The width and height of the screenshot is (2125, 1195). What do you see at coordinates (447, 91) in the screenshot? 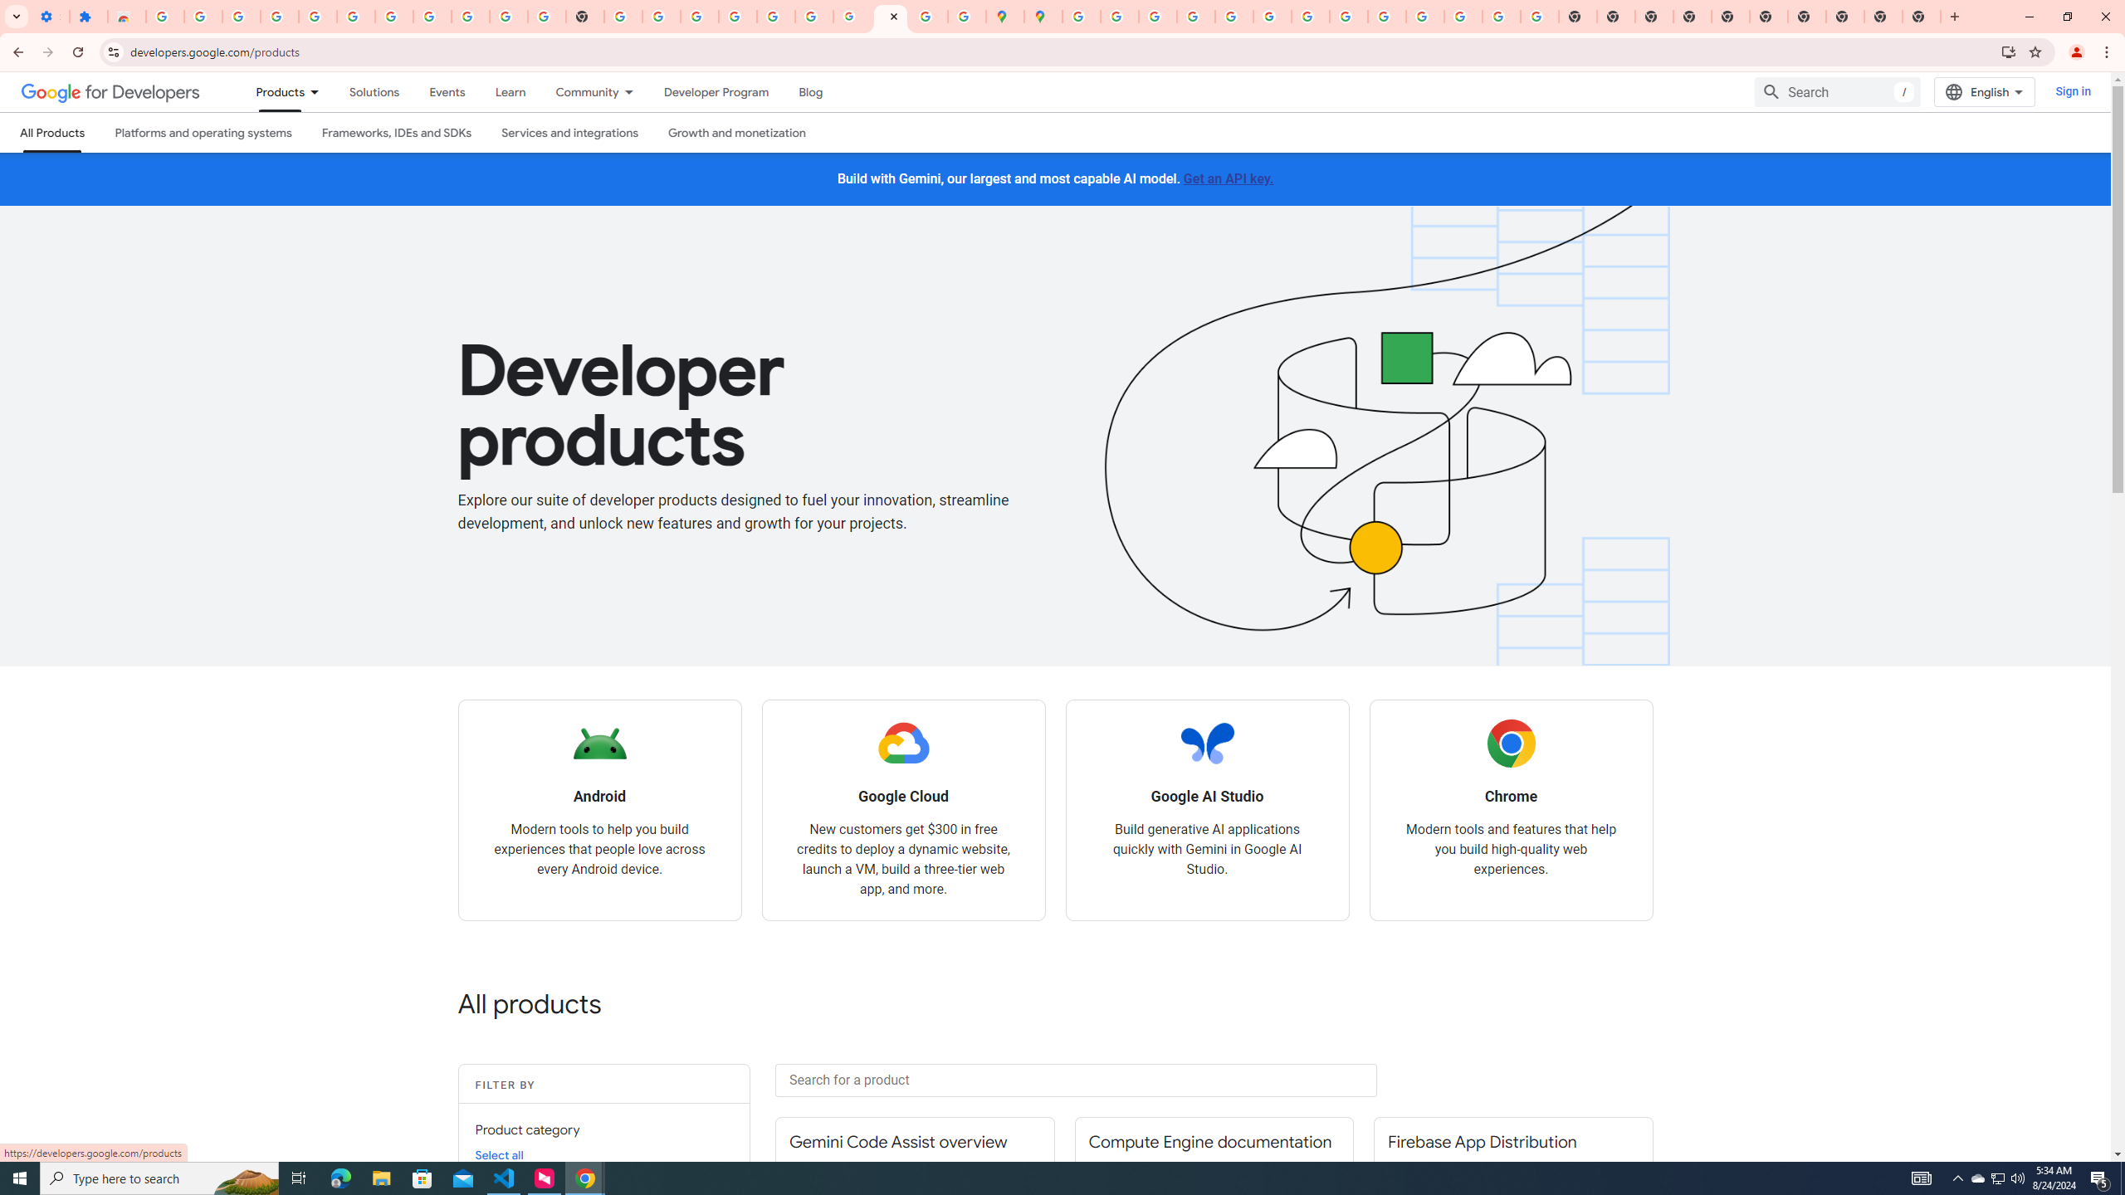
I see `'Events'` at bounding box center [447, 91].